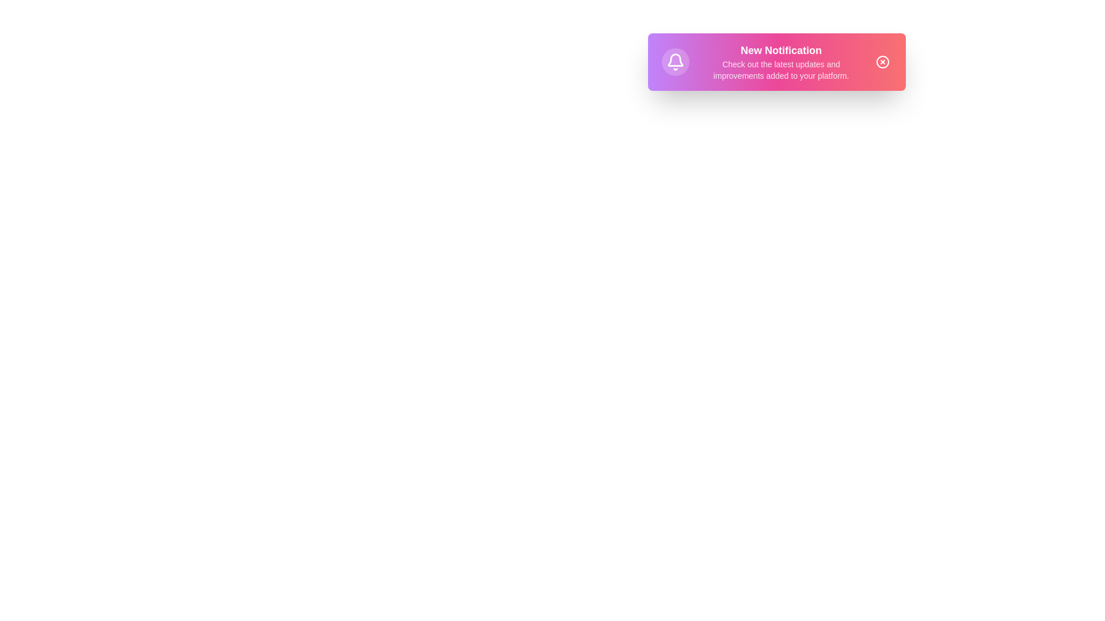  I want to click on the close button to dismiss the notification, so click(882, 62).